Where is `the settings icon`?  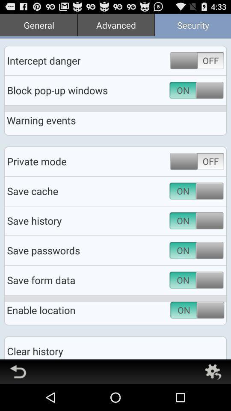 the settings icon is located at coordinates (212, 398).